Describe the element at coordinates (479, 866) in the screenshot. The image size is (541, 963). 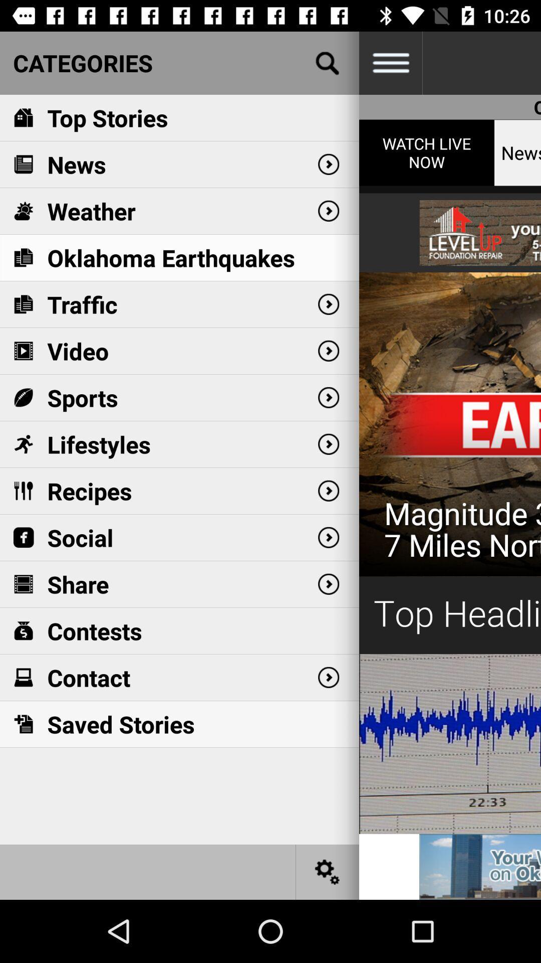
I see `advertisement page` at that location.